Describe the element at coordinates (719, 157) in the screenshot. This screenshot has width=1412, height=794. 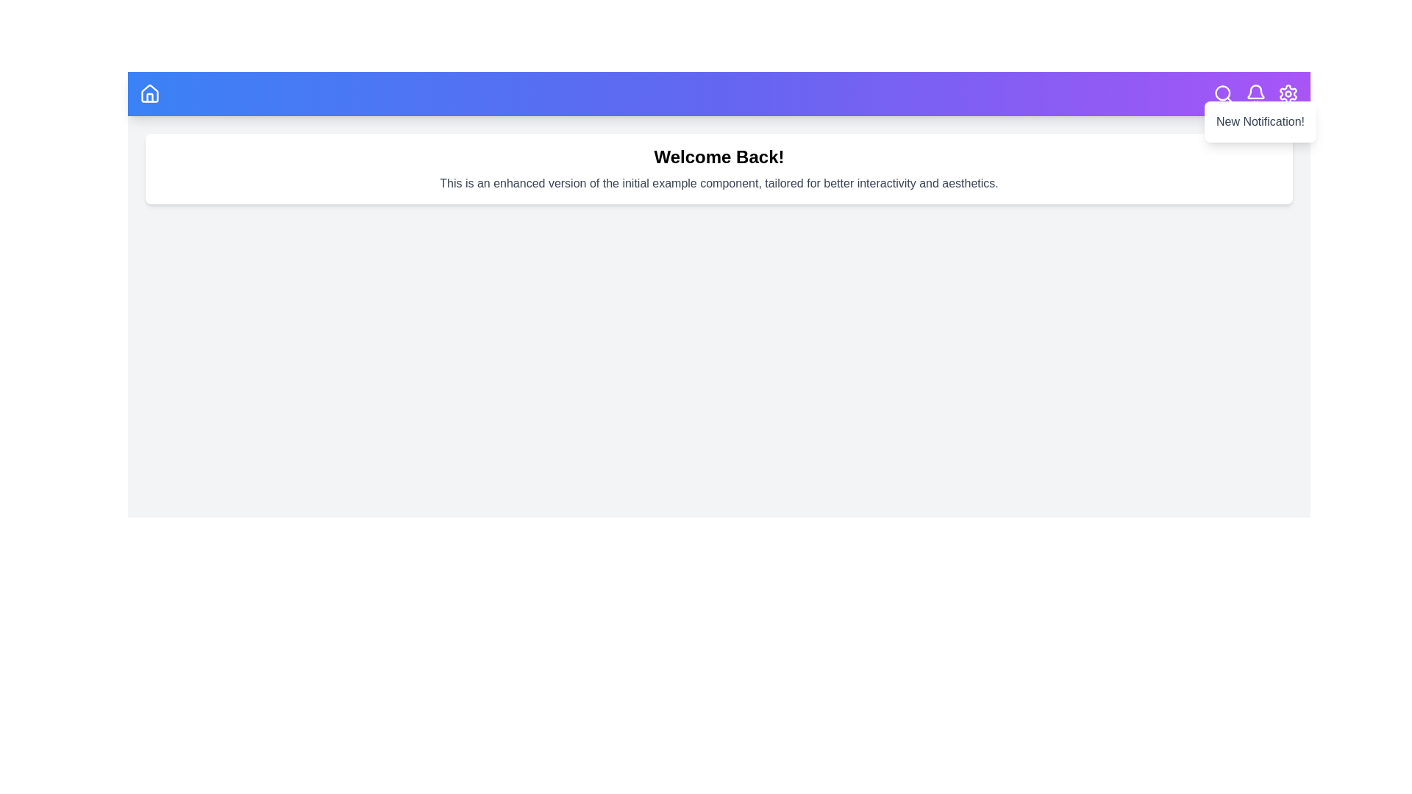
I see `the 'Welcome Back!' heading` at that location.